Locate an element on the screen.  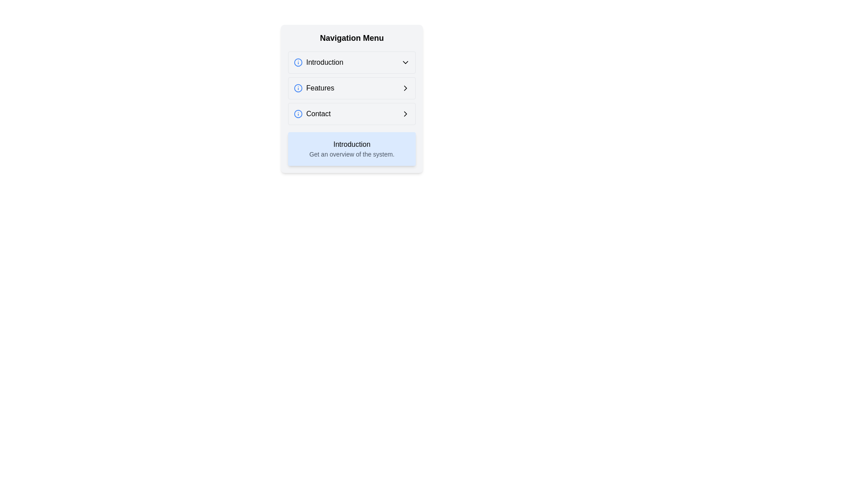
text label that displays 'Introduction', which is bold and centered within a light blue background in the Navigation Menu is located at coordinates (351, 144).